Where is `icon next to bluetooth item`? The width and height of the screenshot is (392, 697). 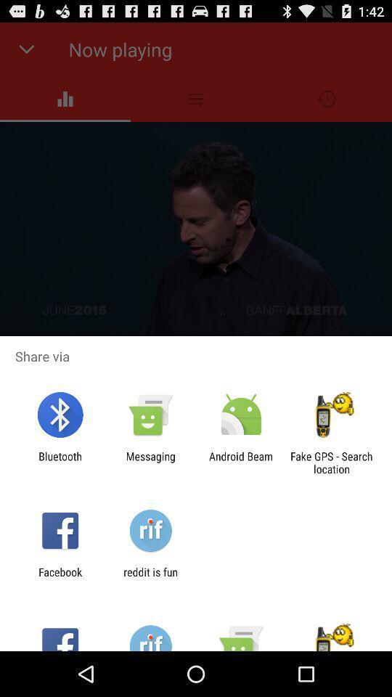 icon next to bluetooth item is located at coordinates (150, 462).